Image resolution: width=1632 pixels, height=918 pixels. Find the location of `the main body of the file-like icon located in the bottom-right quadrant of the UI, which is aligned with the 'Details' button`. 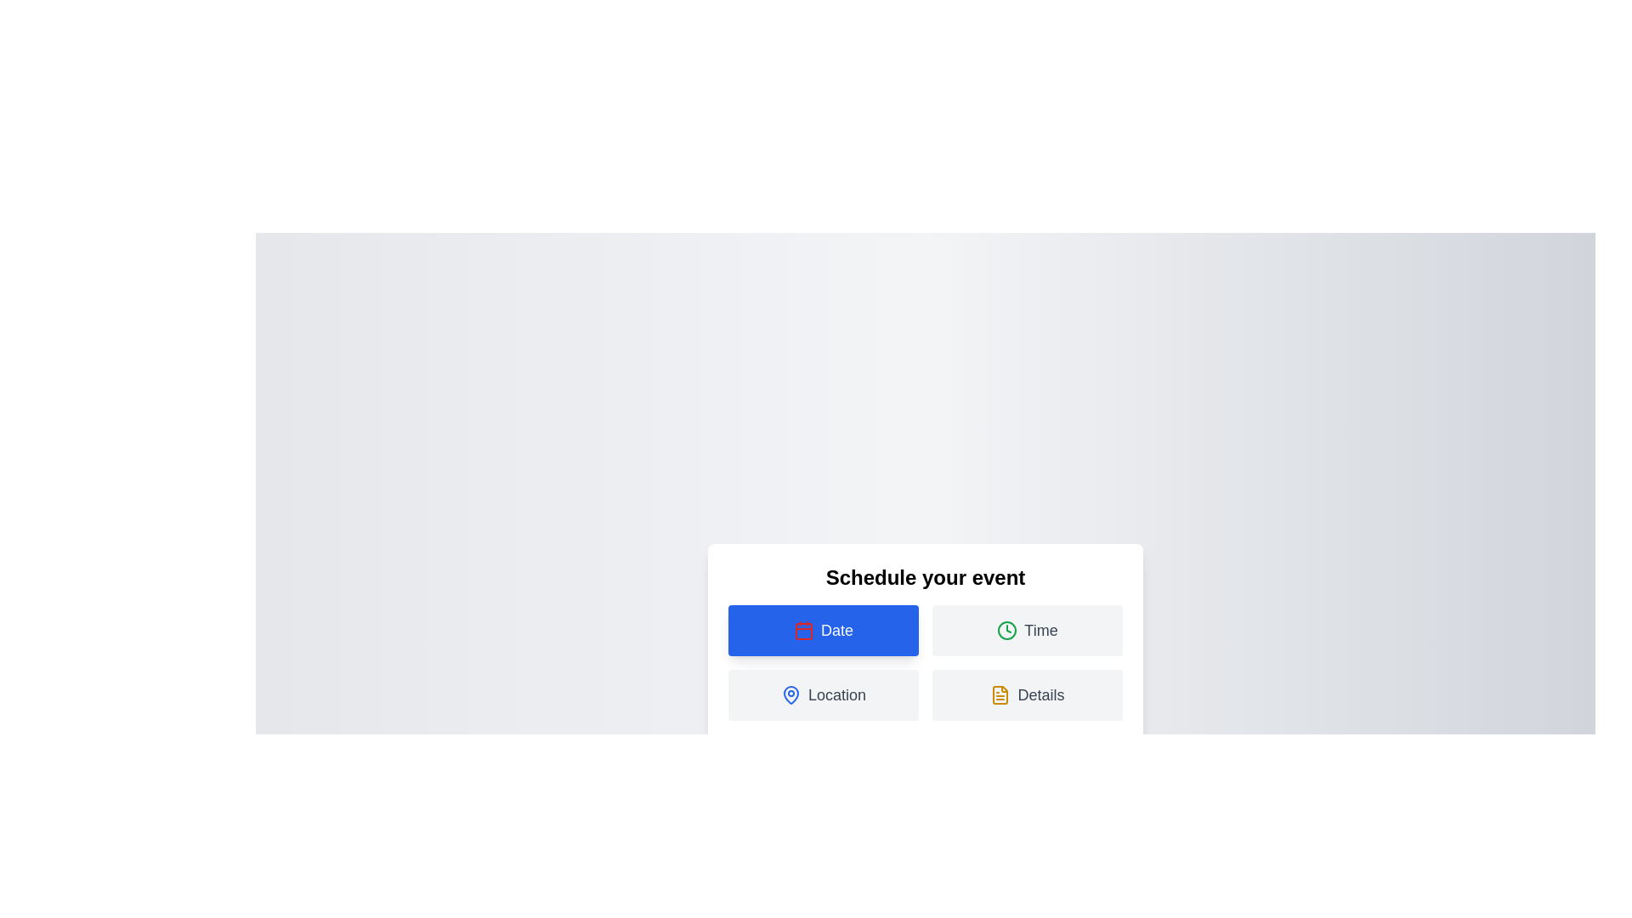

the main body of the file-like icon located in the bottom-right quadrant of the UI, which is aligned with the 'Details' button is located at coordinates (1000, 694).